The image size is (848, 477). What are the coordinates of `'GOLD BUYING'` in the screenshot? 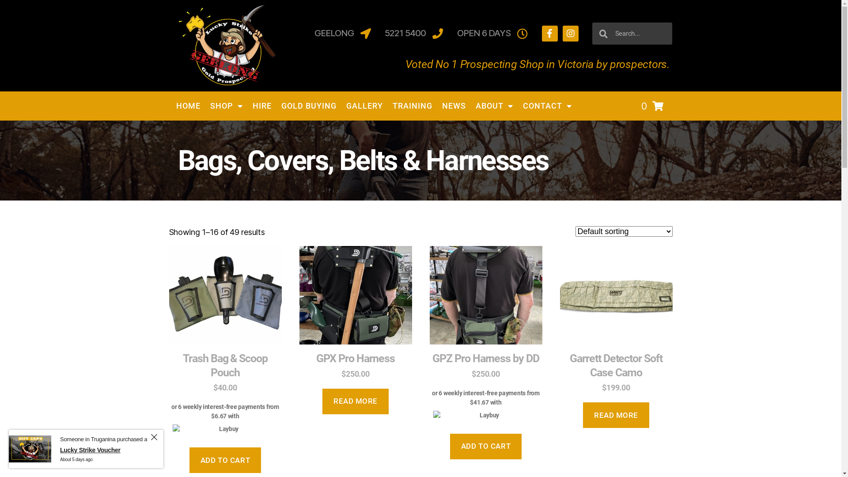 It's located at (309, 105).